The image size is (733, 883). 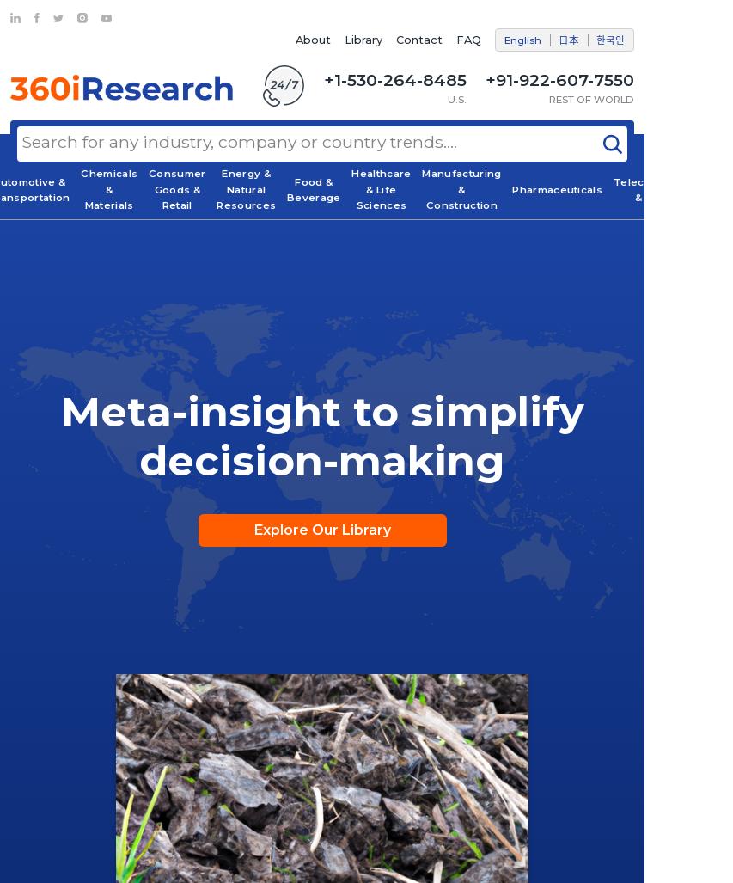 What do you see at coordinates (590, 100) in the screenshot?
I see `'REST OF WORLD'` at bounding box center [590, 100].